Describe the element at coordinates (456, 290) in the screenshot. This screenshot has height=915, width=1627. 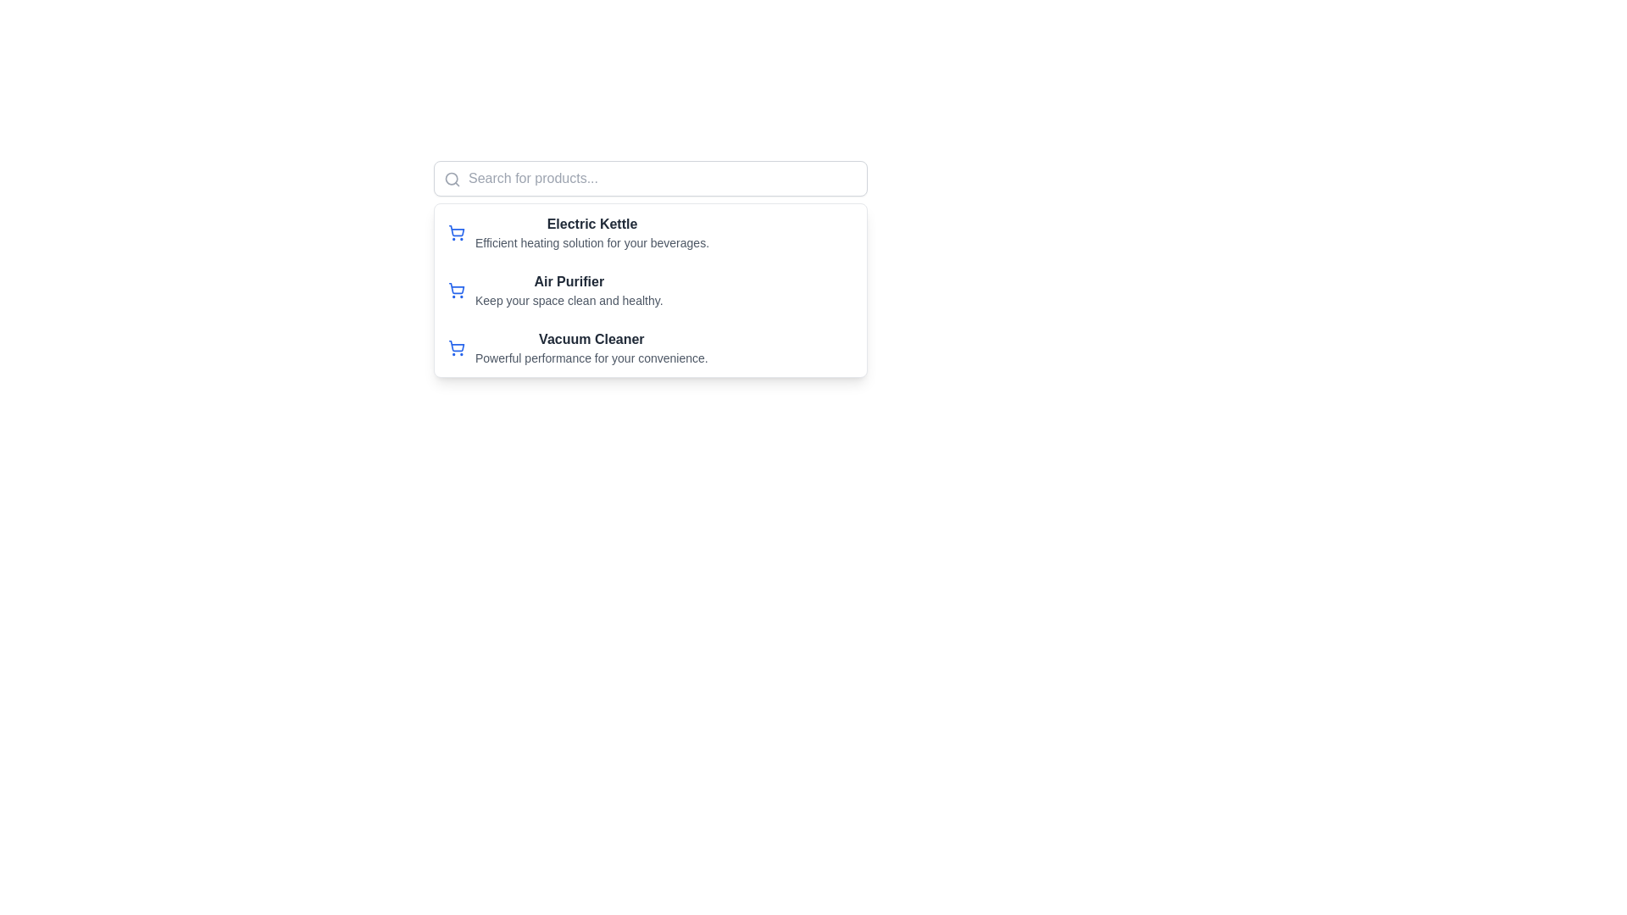
I see `the shopping cart SVG icon located to the left of the 'Air Purifier' text` at that location.